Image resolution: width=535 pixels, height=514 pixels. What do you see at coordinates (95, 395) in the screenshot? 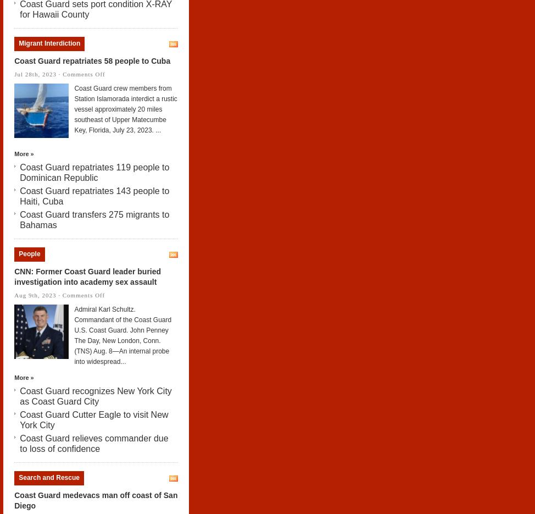
I see `'Coast Guard recognizes New York City as Coast Guard City'` at bounding box center [95, 395].